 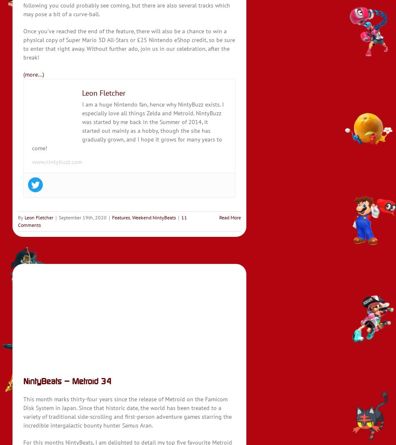 What do you see at coordinates (128, 126) in the screenshot?
I see `'I am a huge Nintendo fan, hence why NintyBuzz exists. I especially love all things Zelda and Metroid. NintyBuzz was started by me back in the Summer of 2014, it started out mainly as a hobby, though the site has gradually grown, and I hope it grows for many years to come!'` at bounding box center [128, 126].